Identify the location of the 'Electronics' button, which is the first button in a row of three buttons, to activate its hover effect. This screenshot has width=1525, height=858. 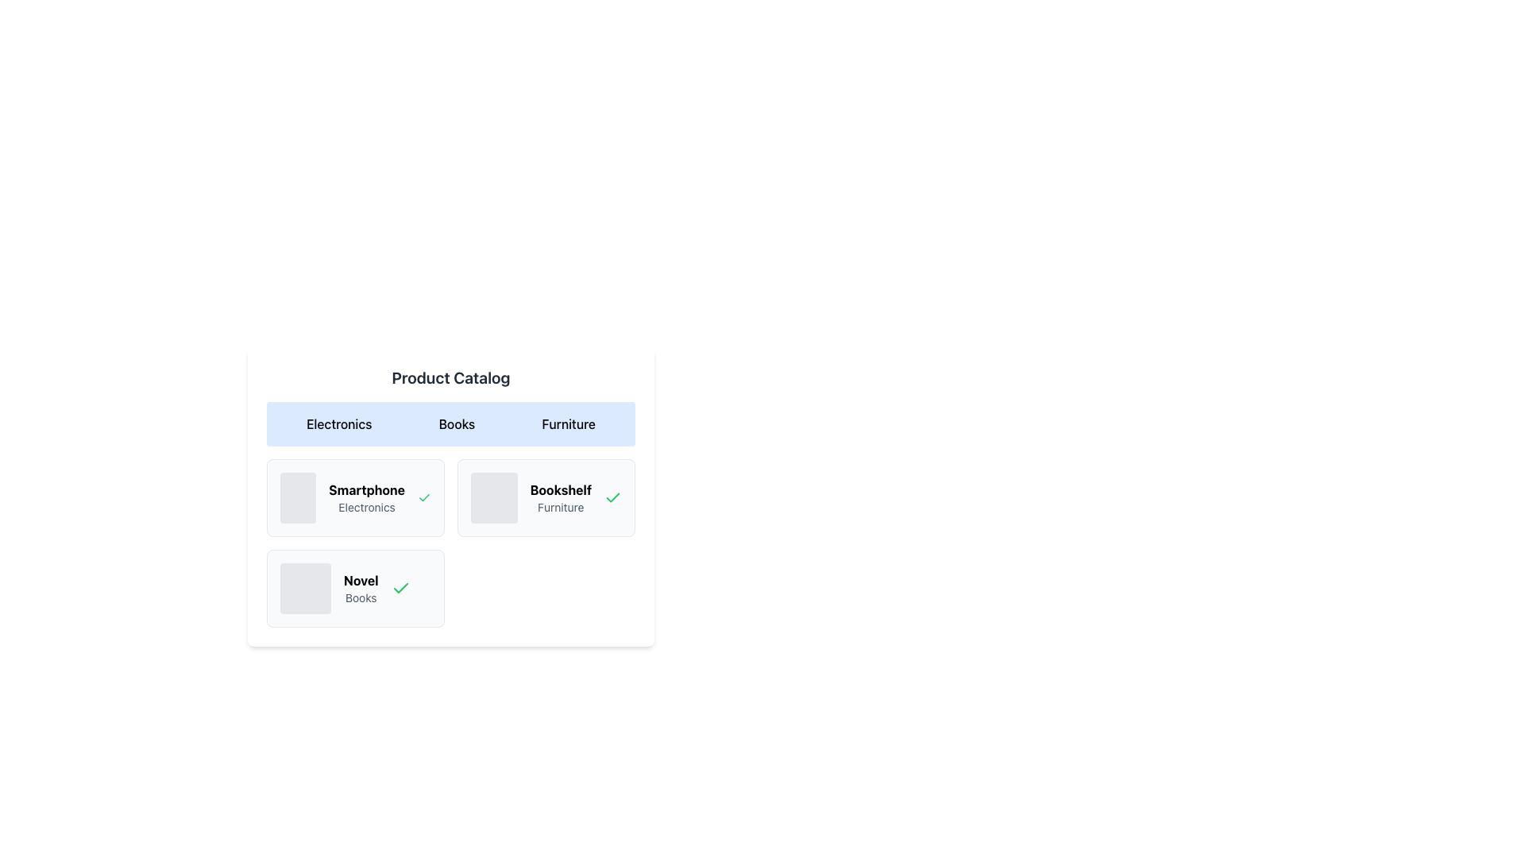
(338, 423).